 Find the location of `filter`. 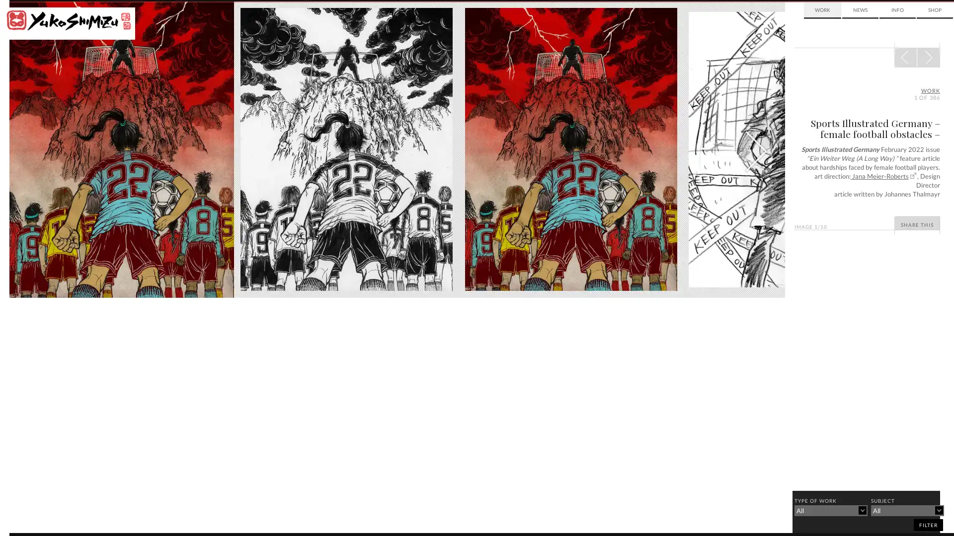

filter is located at coordinates (928, 524).